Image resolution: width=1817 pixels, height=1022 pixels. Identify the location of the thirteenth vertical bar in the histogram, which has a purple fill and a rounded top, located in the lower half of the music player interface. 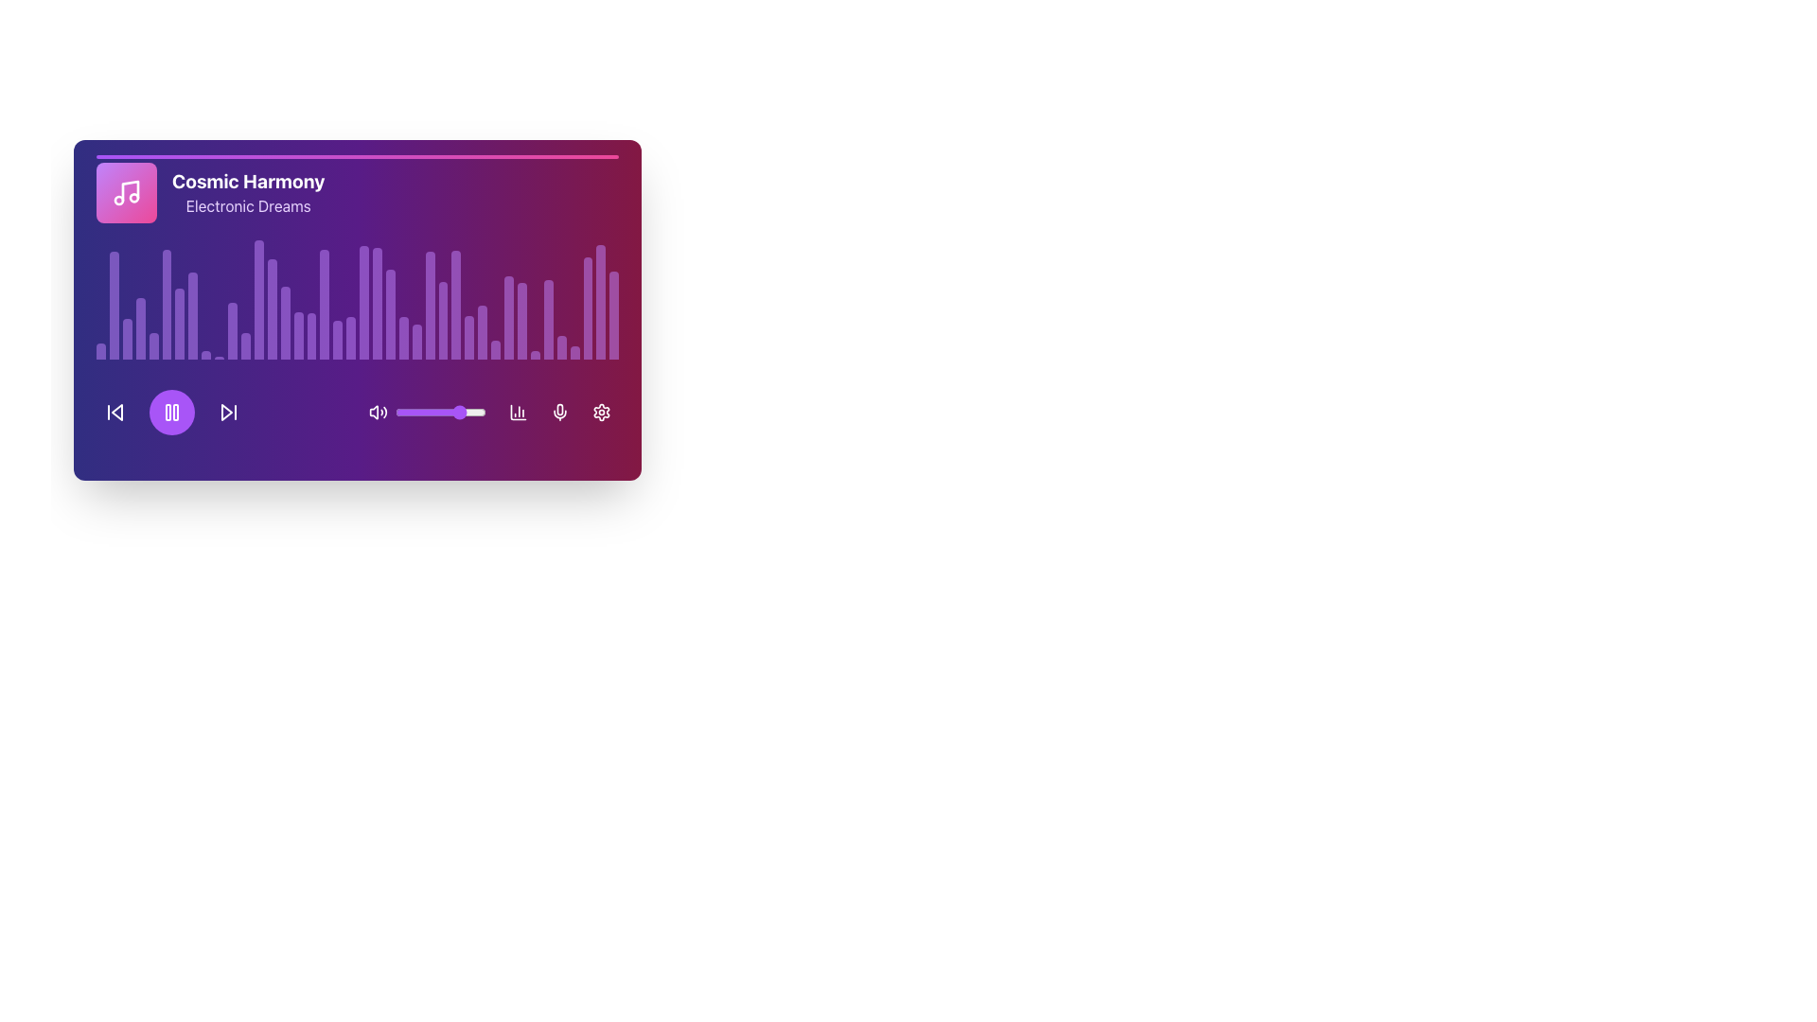
(257, 299).